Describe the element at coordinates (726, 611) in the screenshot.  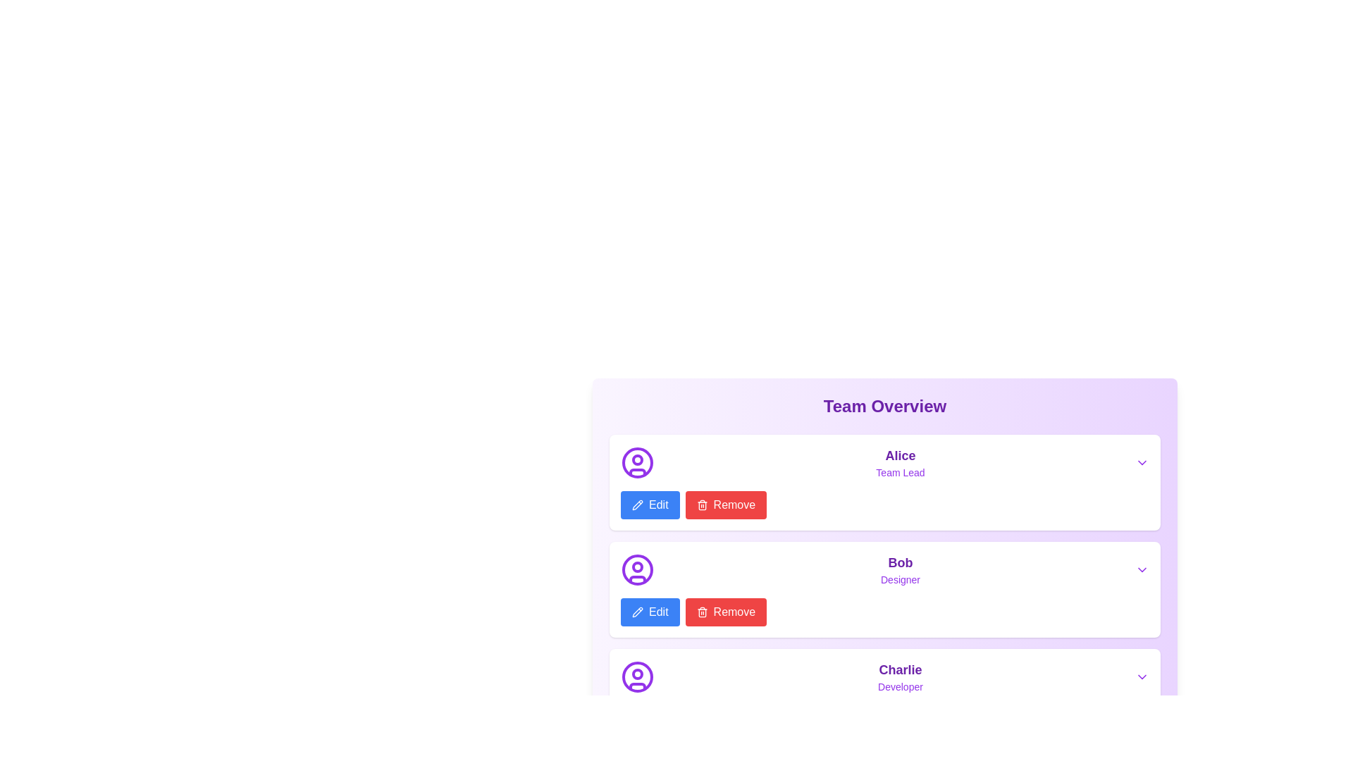
I see `the 'remove' button located in the 'Team Overview' section` at that location.